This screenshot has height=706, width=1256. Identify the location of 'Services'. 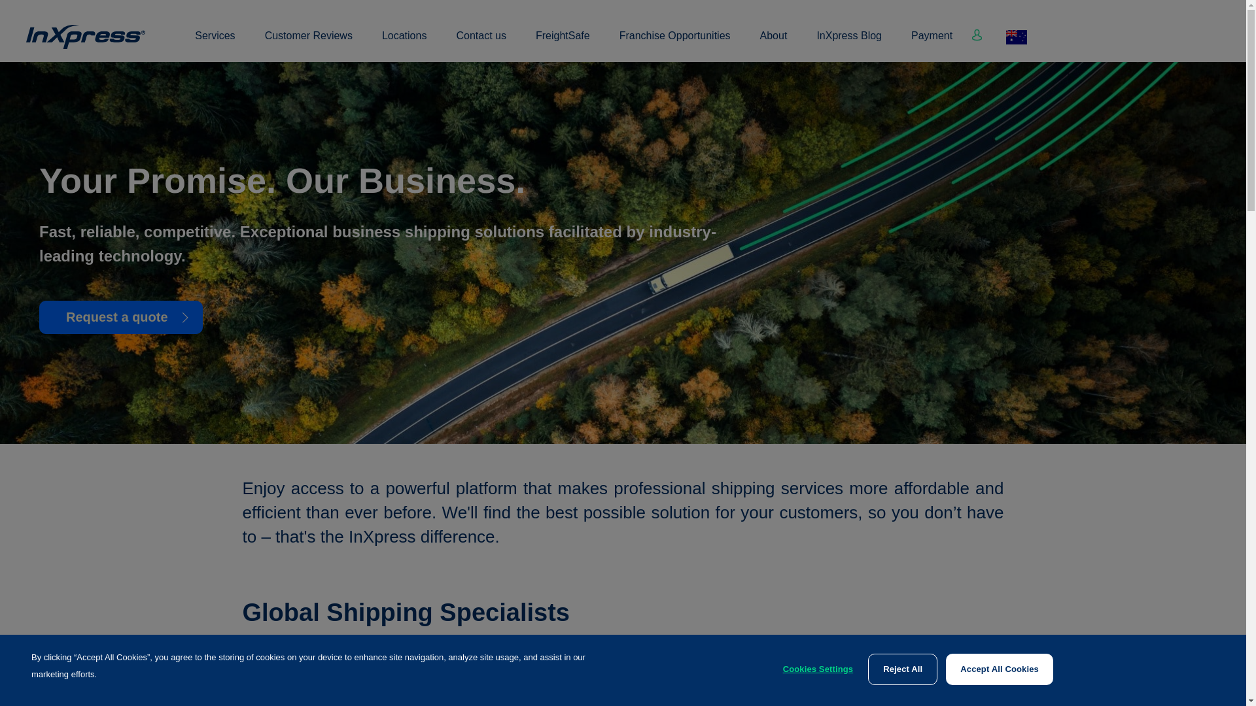
(215, 42).